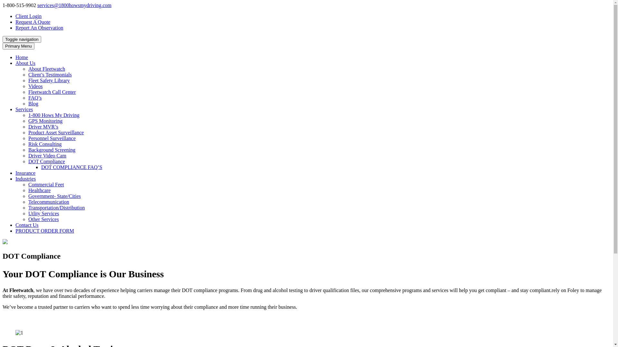 The height and width of the screenshot is (347, 618). Describe the element at coordinates (28, 219) in the screenshot. I see `'Other Services'` at that location.